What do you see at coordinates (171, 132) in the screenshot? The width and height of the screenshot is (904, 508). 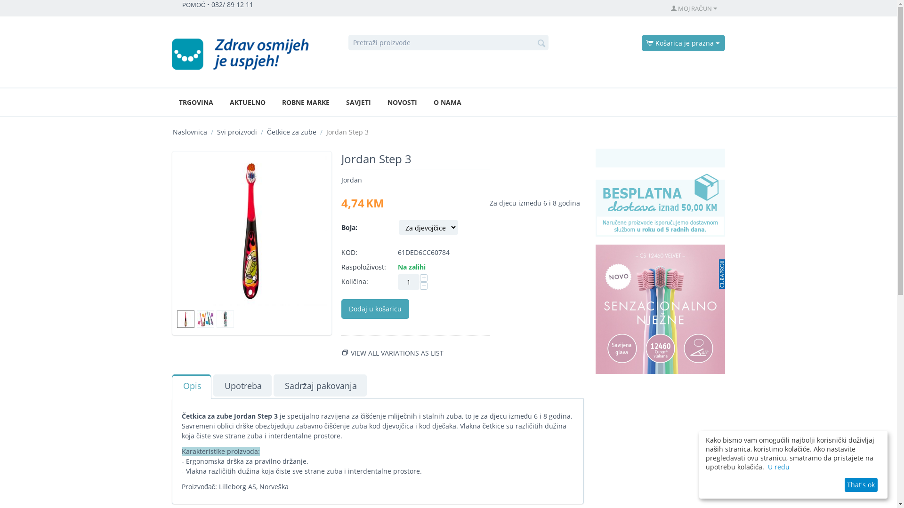 I see `'Naslovnica'` at bounding box center [171, 132].